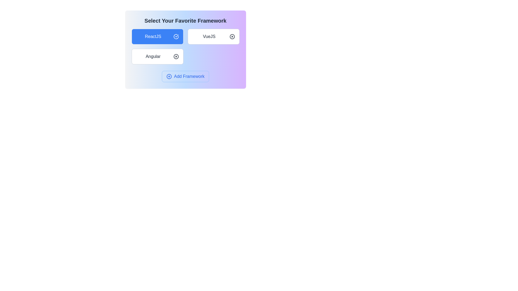  Describe the element at coordinates (213, 36) in the screenshot. I see `the chip labeled VueJS` at that location.